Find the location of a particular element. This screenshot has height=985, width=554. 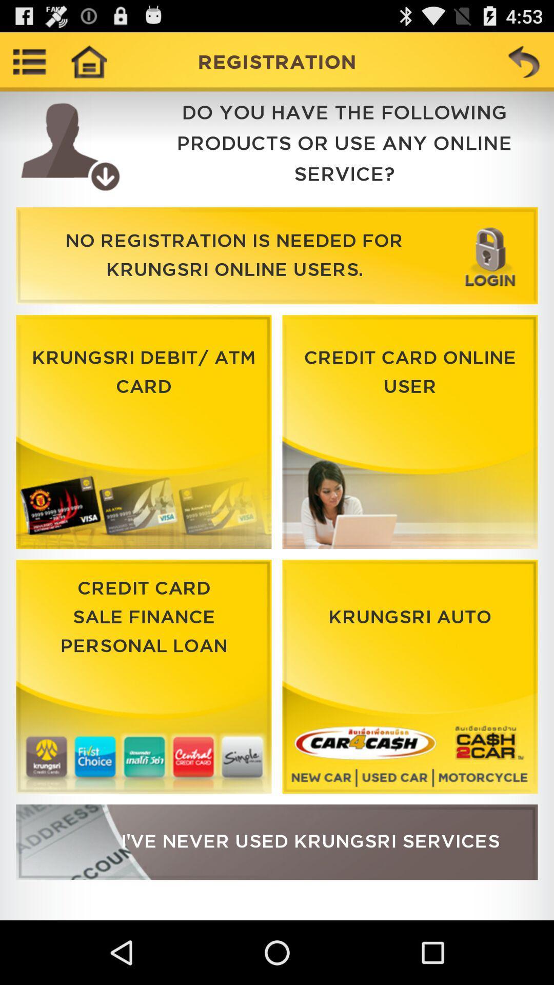

register with credit card sale finance personal loan option is located at coordinates (144, 677).